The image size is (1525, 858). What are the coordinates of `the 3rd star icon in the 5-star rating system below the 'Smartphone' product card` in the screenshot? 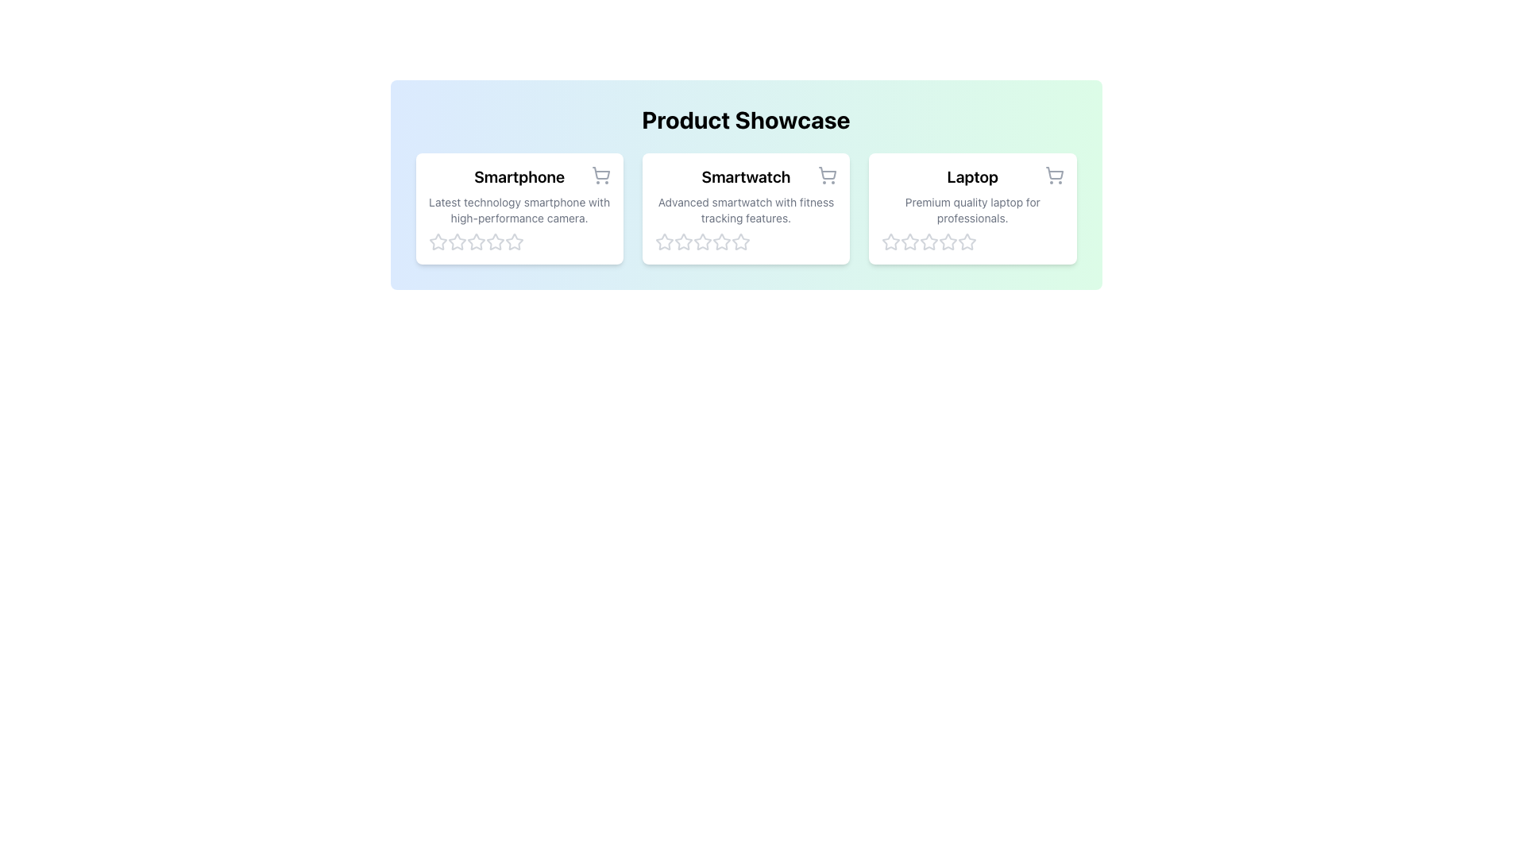 It's located at (475, 242).